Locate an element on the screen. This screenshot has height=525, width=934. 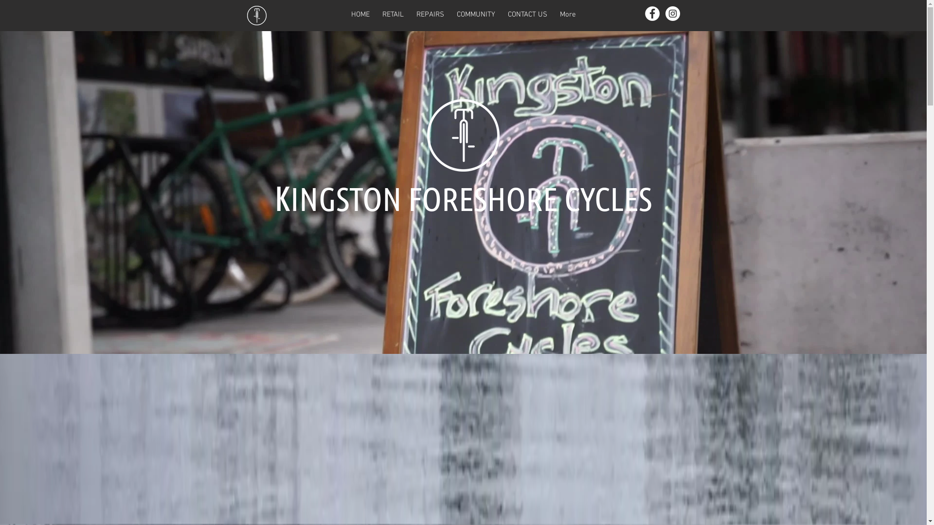
'HOME' is located at coordinates (344, 15).